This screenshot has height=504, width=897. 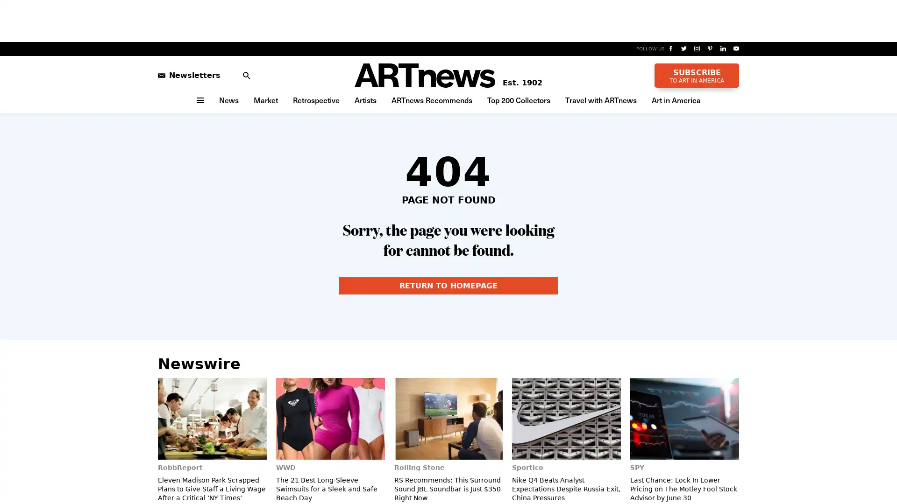 What do you see at coordinates (242, 75) in the screenshot?
I see `Plus Icon Click to Expand Search Input` at bounding box center [242, 75].